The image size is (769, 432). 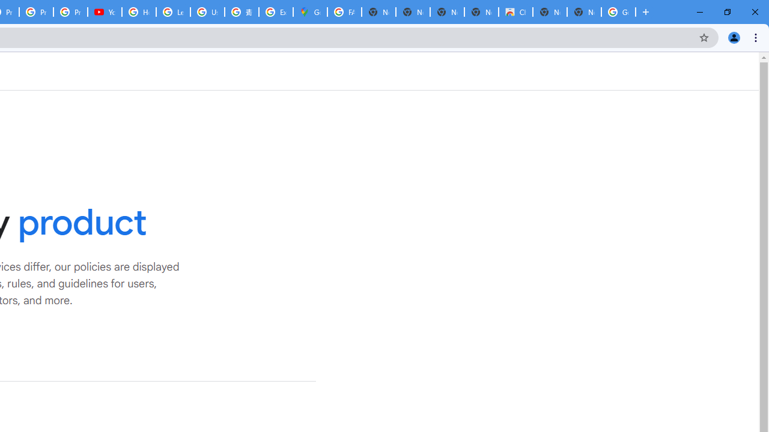 I want to click on 'New Tab', so click(x=584, y=12).